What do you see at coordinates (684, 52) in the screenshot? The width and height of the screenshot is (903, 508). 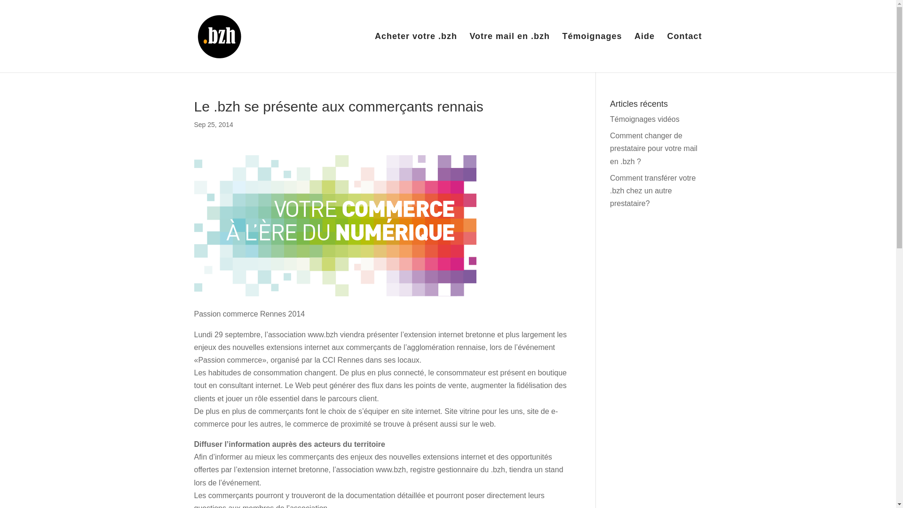 I see `'Contact'` at bounding box center [684, 52].